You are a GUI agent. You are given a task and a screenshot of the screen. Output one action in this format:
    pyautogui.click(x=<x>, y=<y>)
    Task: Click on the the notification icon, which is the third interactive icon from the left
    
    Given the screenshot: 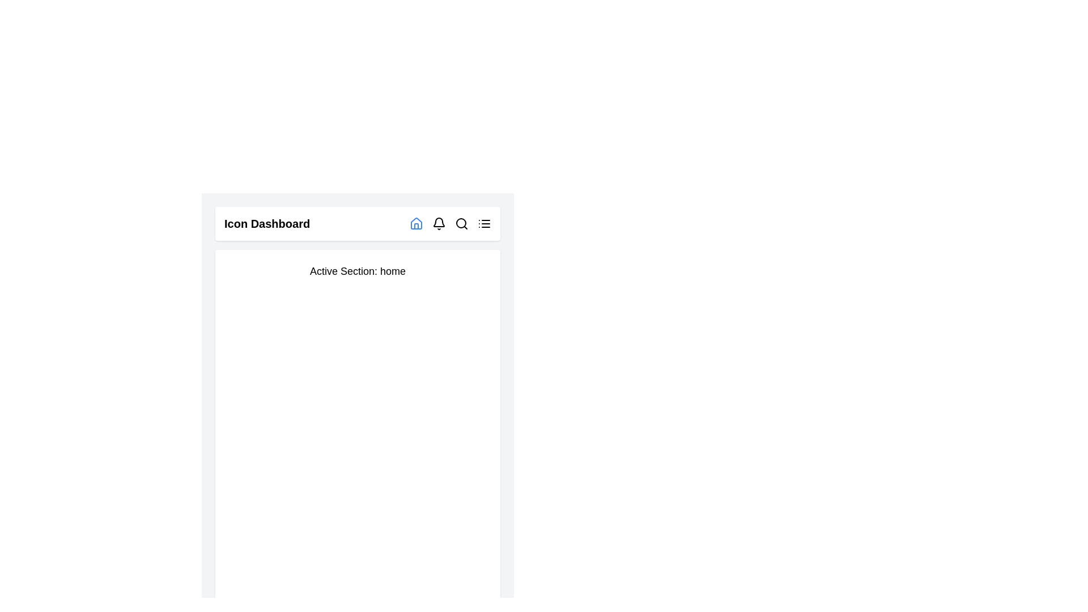 What is the action you would take?
    pyautogui.click(x=438, y=223)
    